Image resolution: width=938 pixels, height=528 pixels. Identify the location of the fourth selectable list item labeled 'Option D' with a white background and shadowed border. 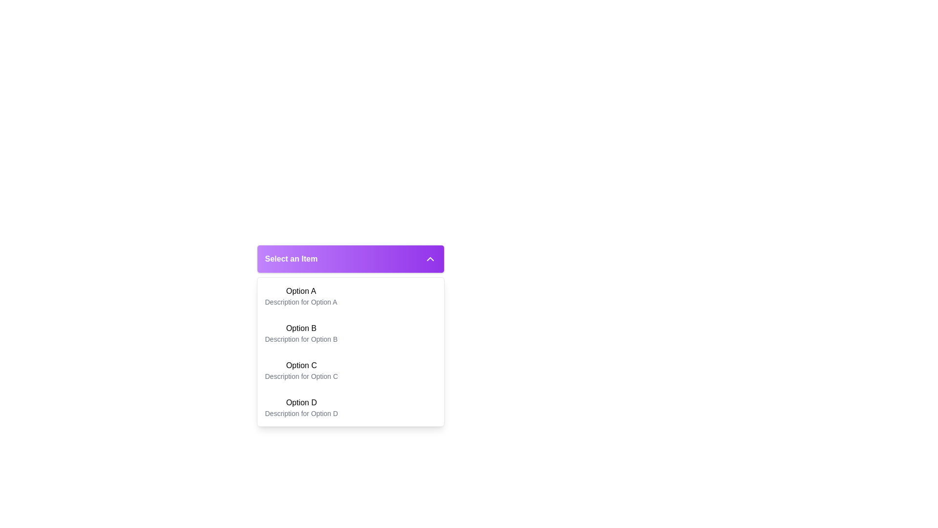
(350, 407).